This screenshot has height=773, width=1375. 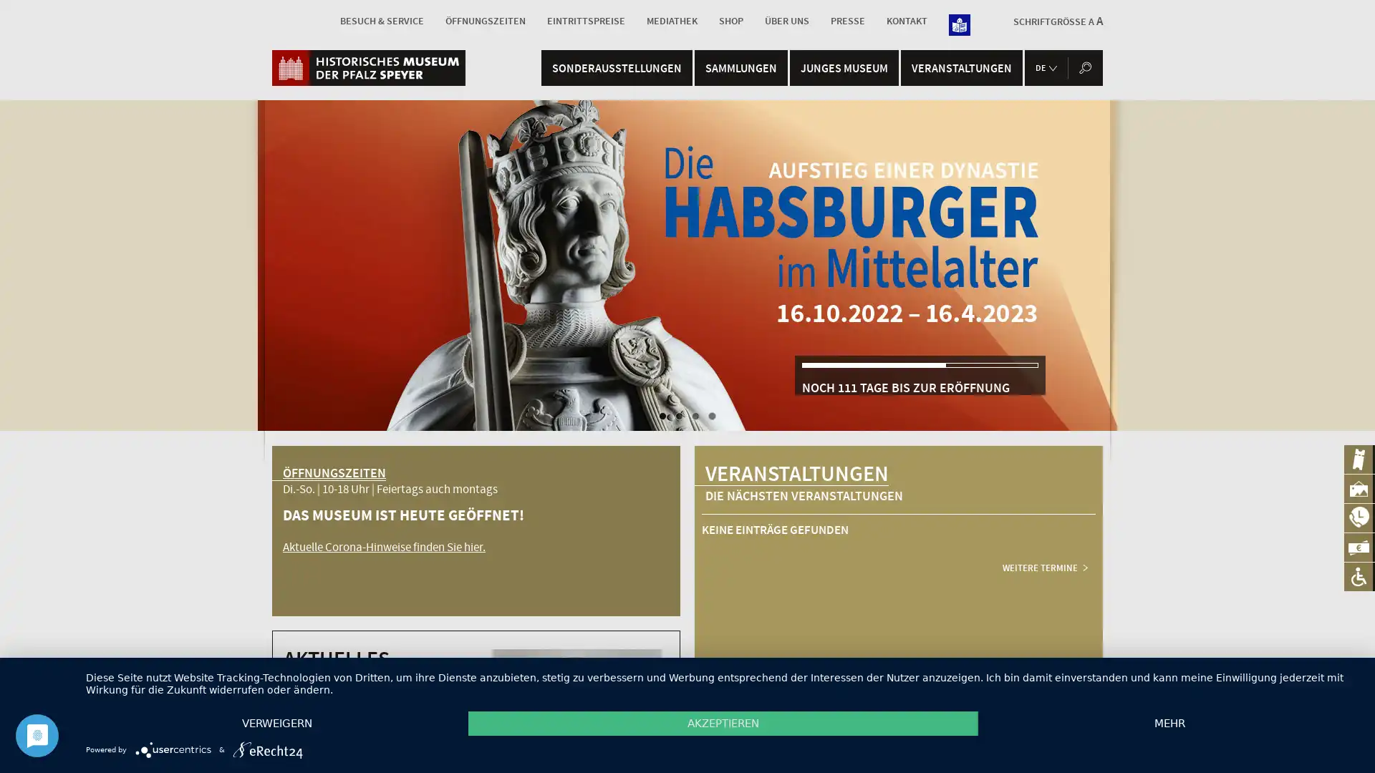 What do you see at coordinates (277, 723) in the screenshot?
I see `Verweigern` at bounding box center [277, 723].